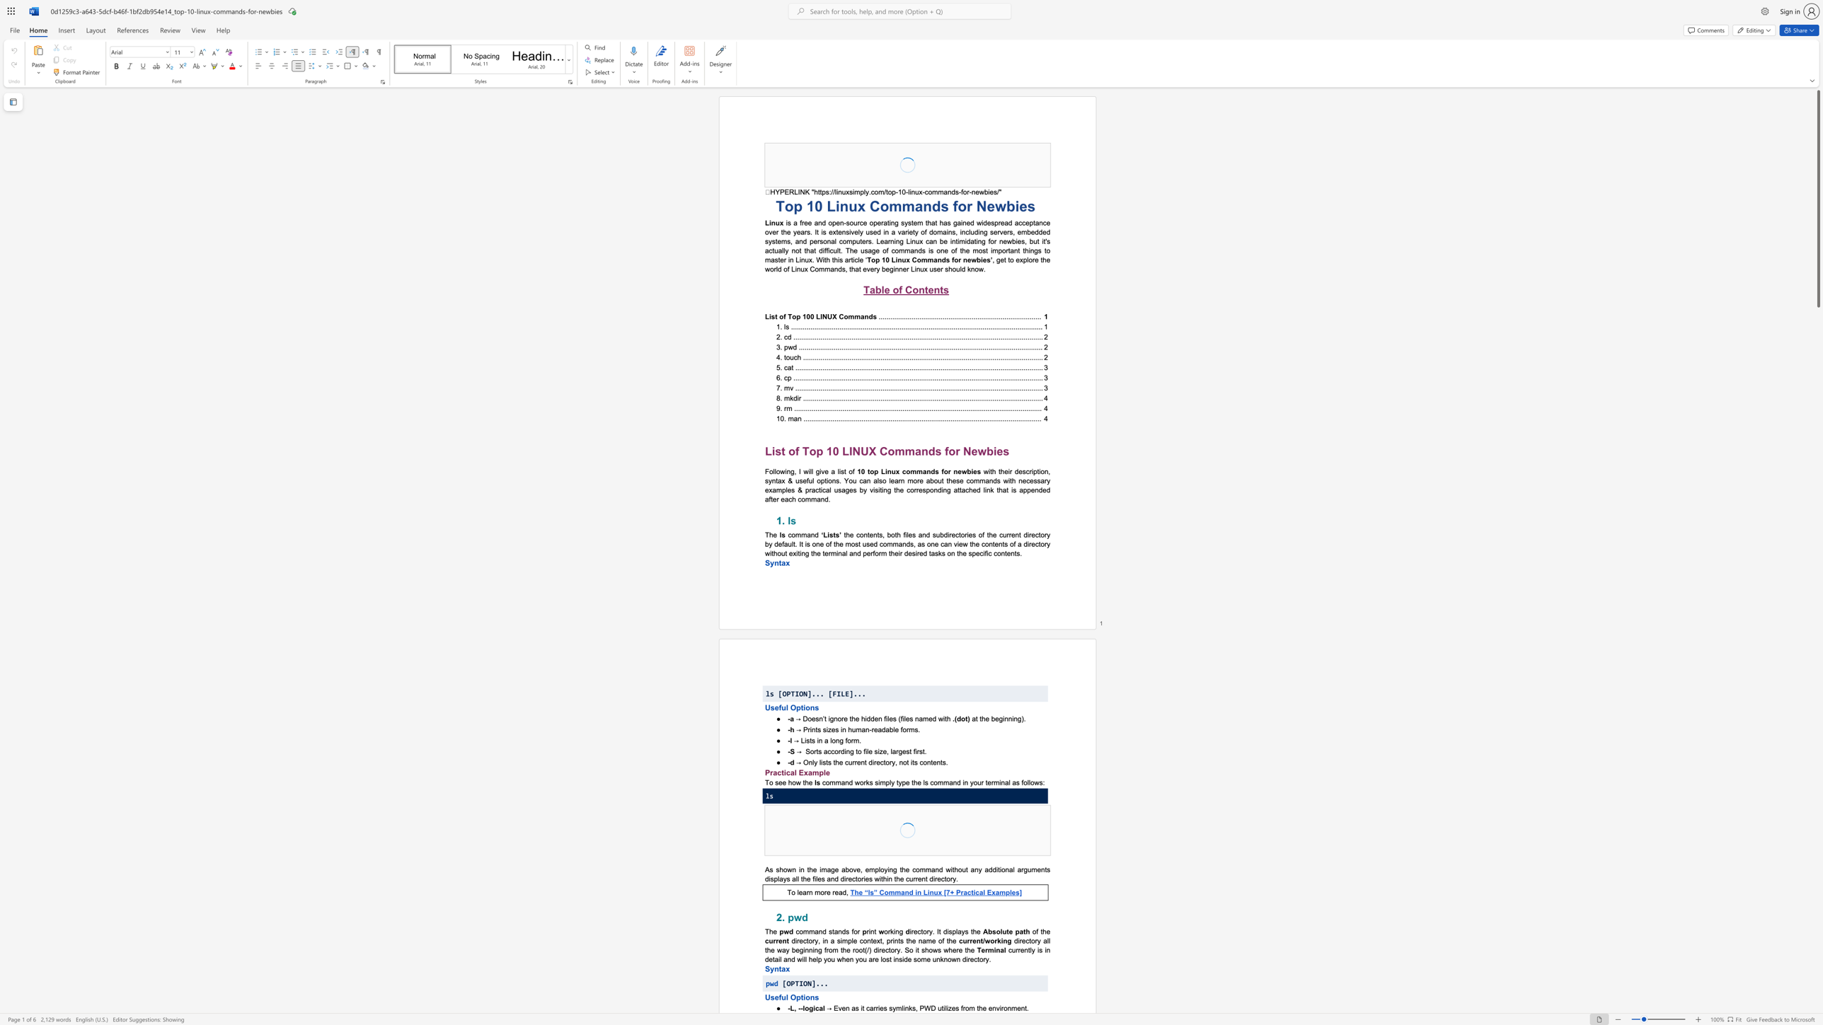 The height and width of the screenshot is (1025, 1823). Describe the element at coordinates (1817, 407) in the screenshot. I see `the scrollbar to move the content lower` at that location.